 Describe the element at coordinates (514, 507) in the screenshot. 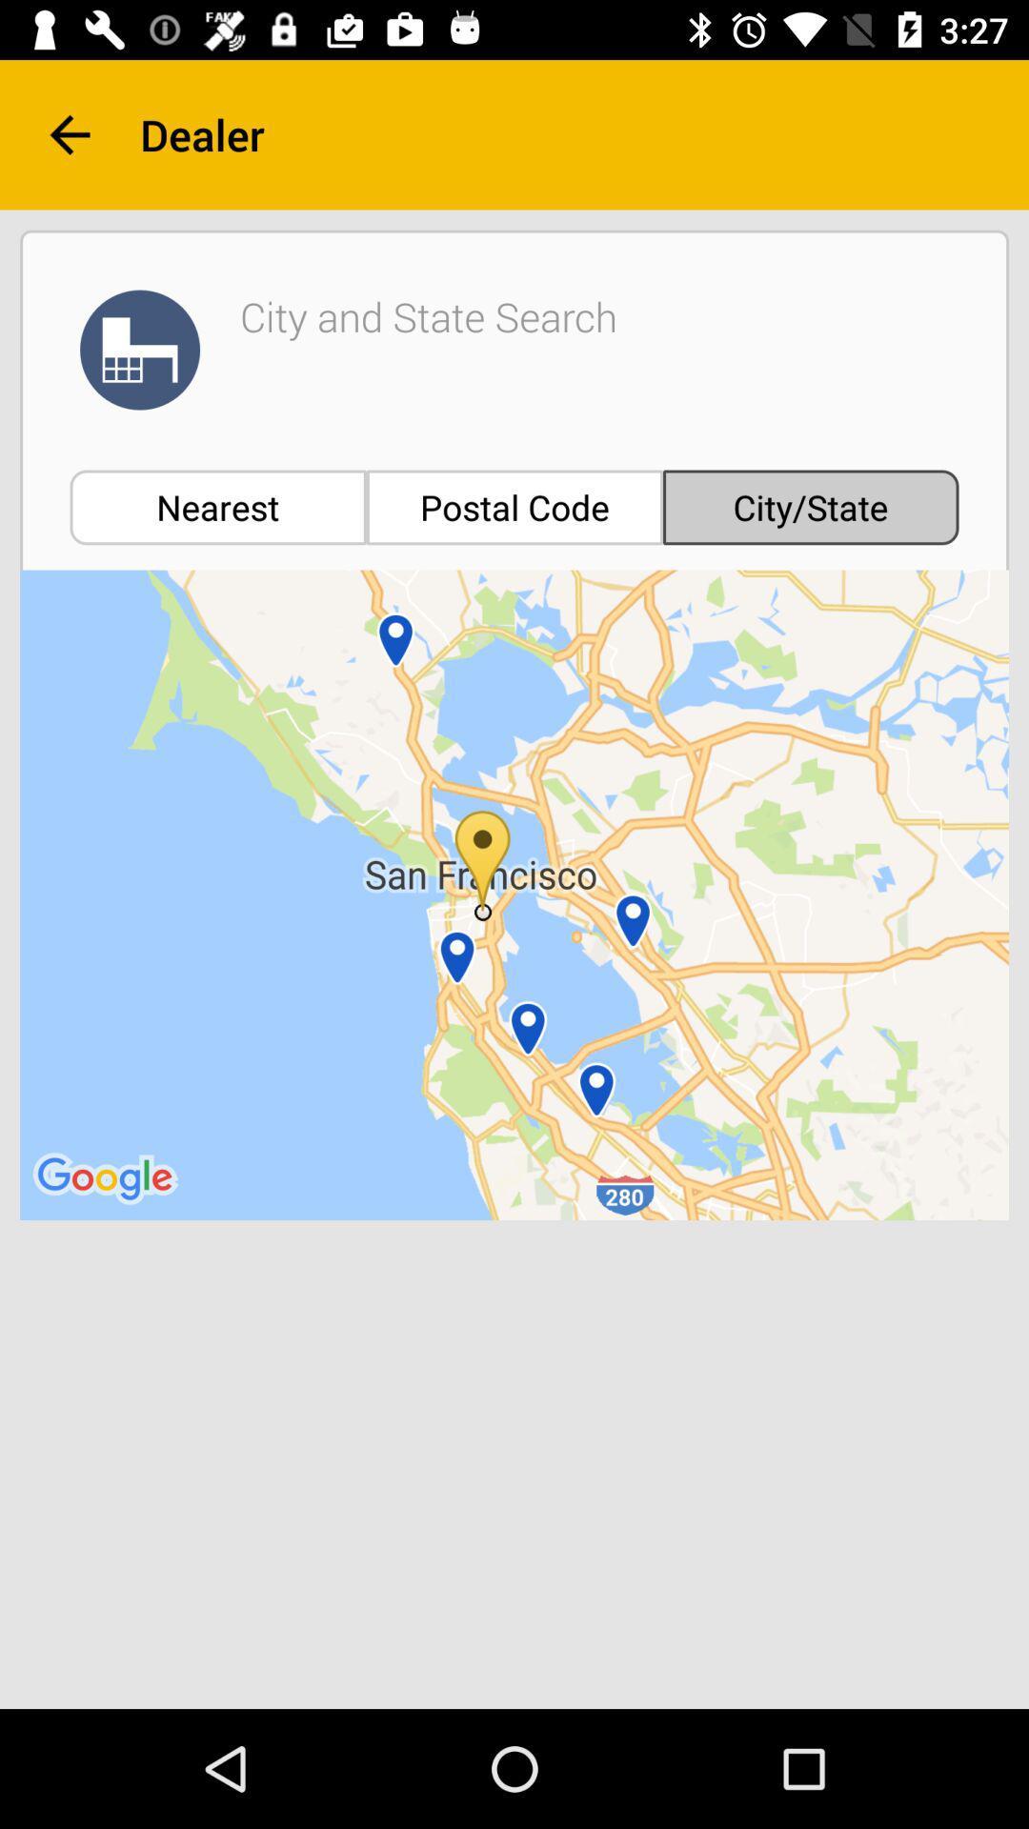

I see `item next to nearest item` at that location.